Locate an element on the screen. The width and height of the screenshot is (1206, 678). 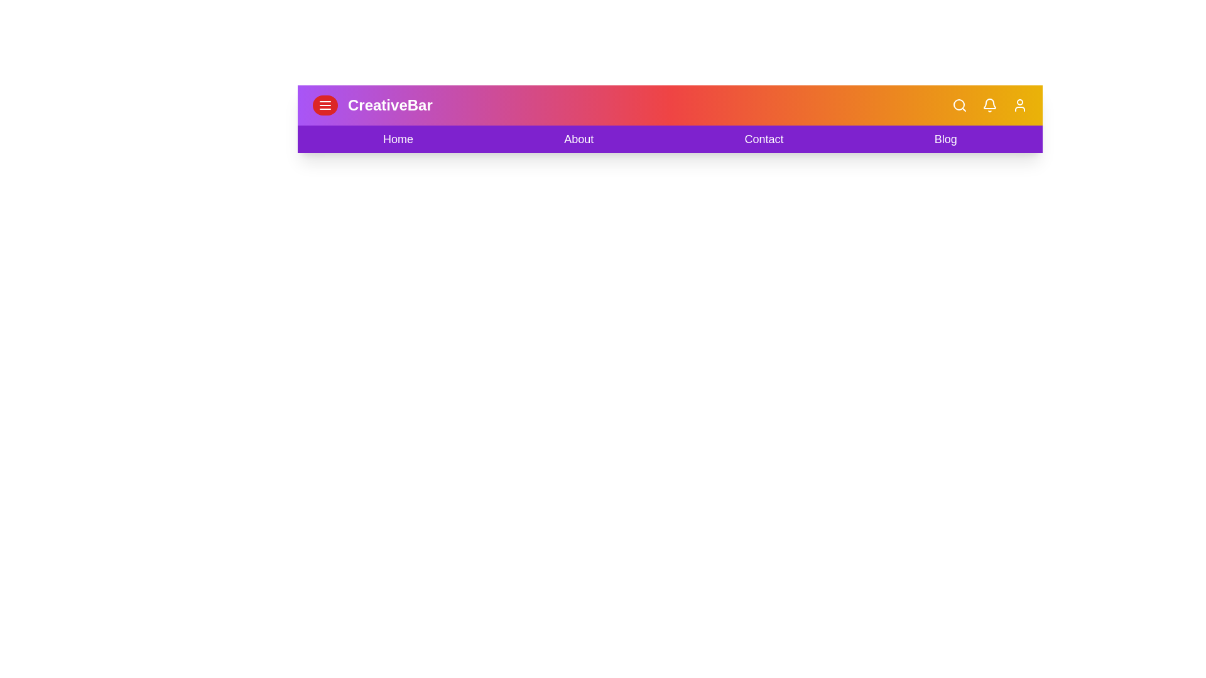
the navigation menu item About is located at coordinates (578, 139).